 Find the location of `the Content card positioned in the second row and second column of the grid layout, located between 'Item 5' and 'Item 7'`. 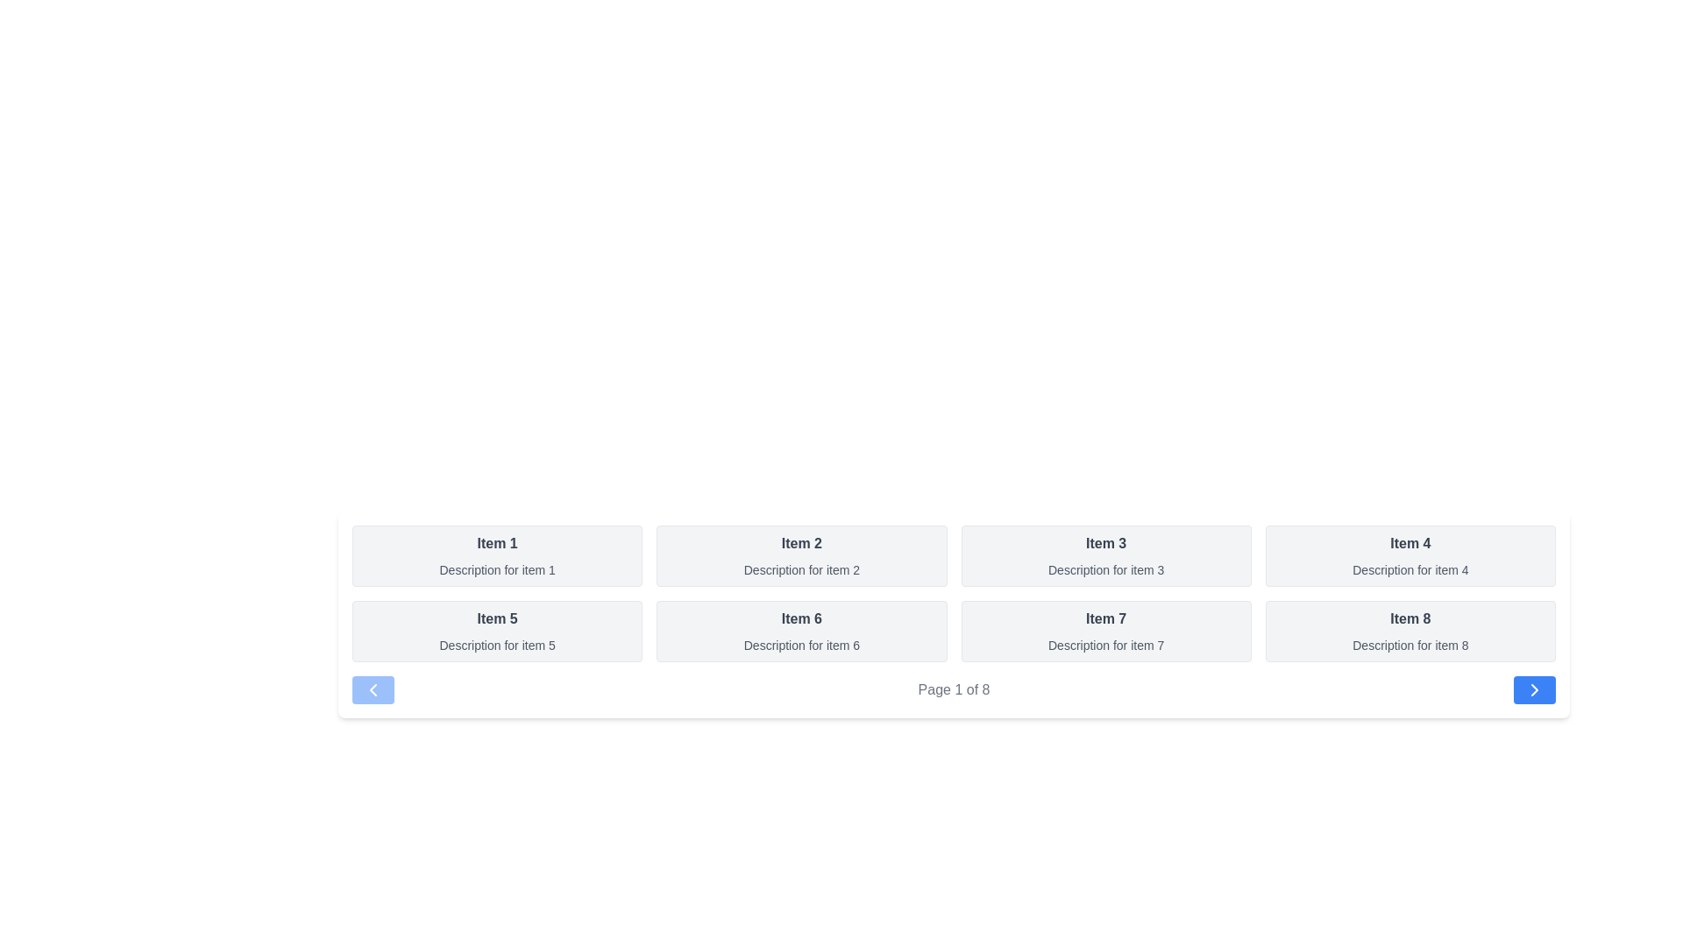

the Content card positioned in the second row and second column of the grid layout, located between 'Item 5' and 'Item 7' is located at coordinates (800, 632).